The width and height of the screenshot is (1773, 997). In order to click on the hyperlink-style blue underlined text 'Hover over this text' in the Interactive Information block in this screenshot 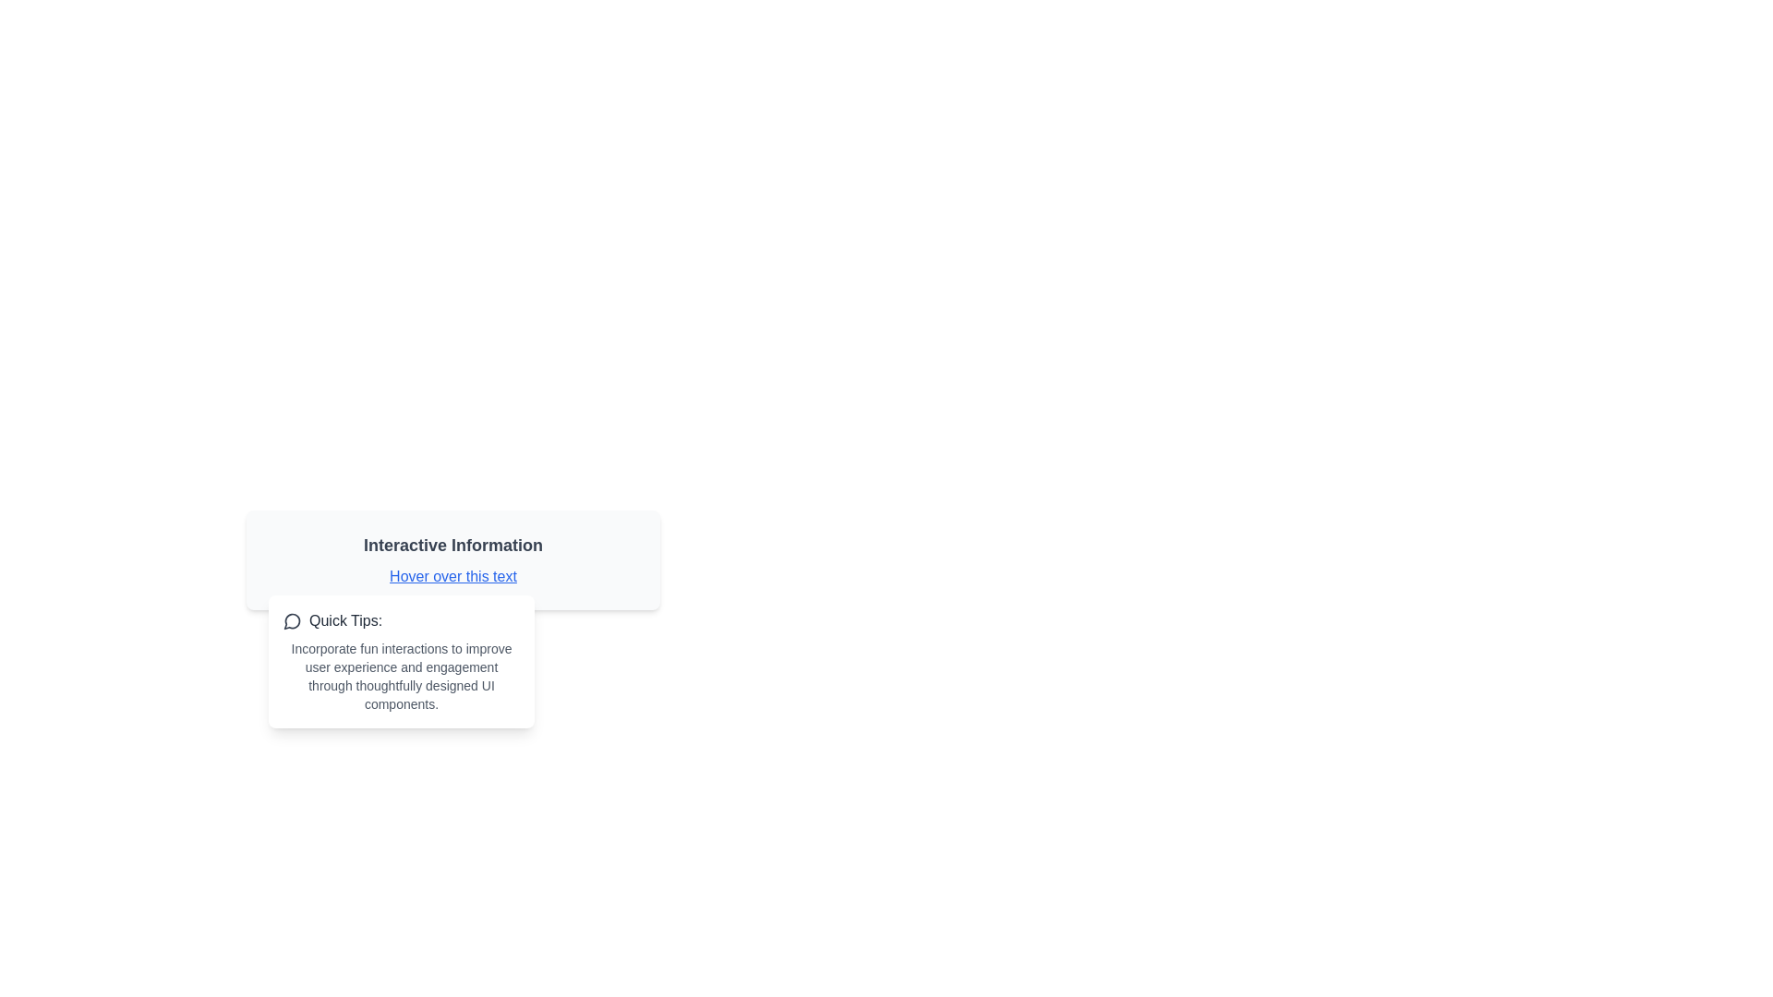, I will do `click(452, 559)`.